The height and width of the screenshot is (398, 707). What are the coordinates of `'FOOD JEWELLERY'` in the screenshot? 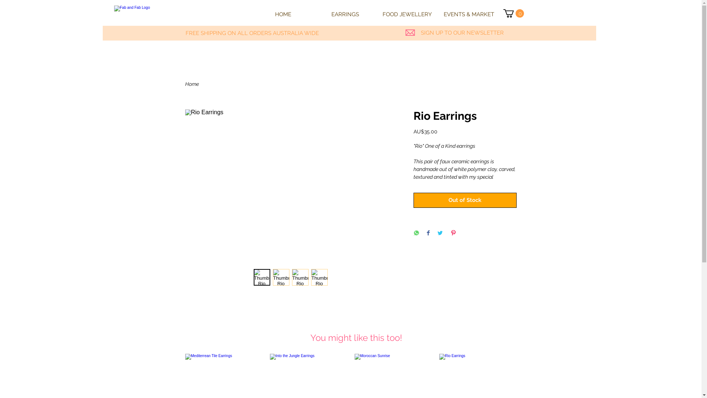 It's located at (407, 14).